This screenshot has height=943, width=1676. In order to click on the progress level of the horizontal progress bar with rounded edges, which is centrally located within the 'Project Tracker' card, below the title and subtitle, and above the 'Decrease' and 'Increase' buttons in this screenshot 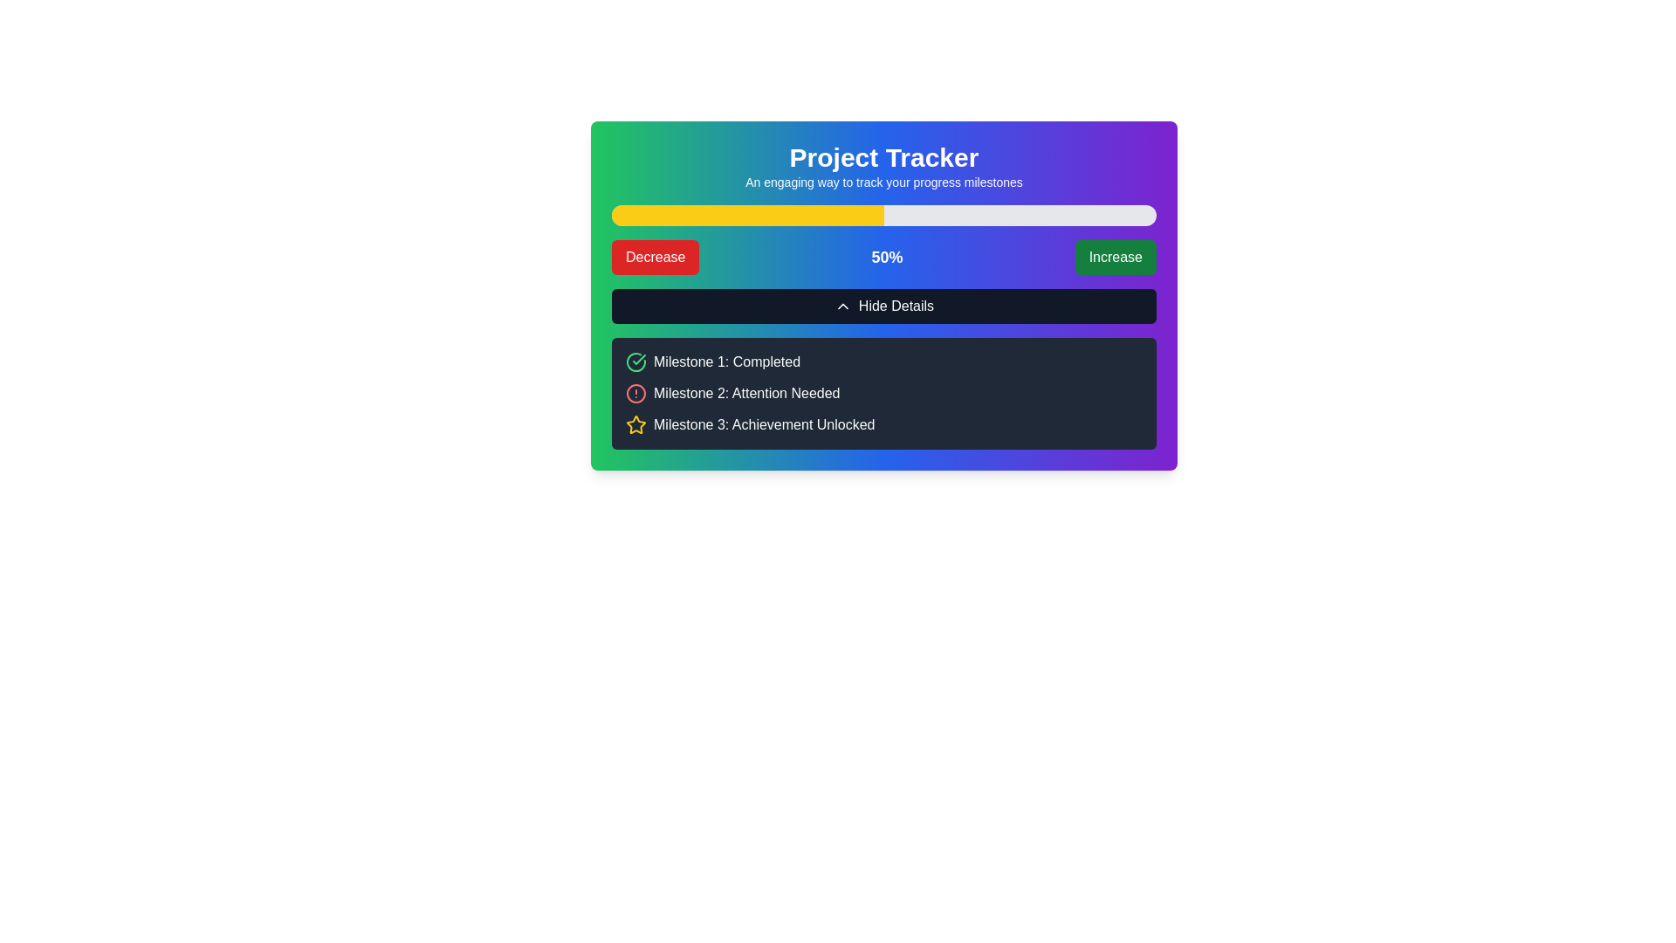, I will do `click(883, 214)`.